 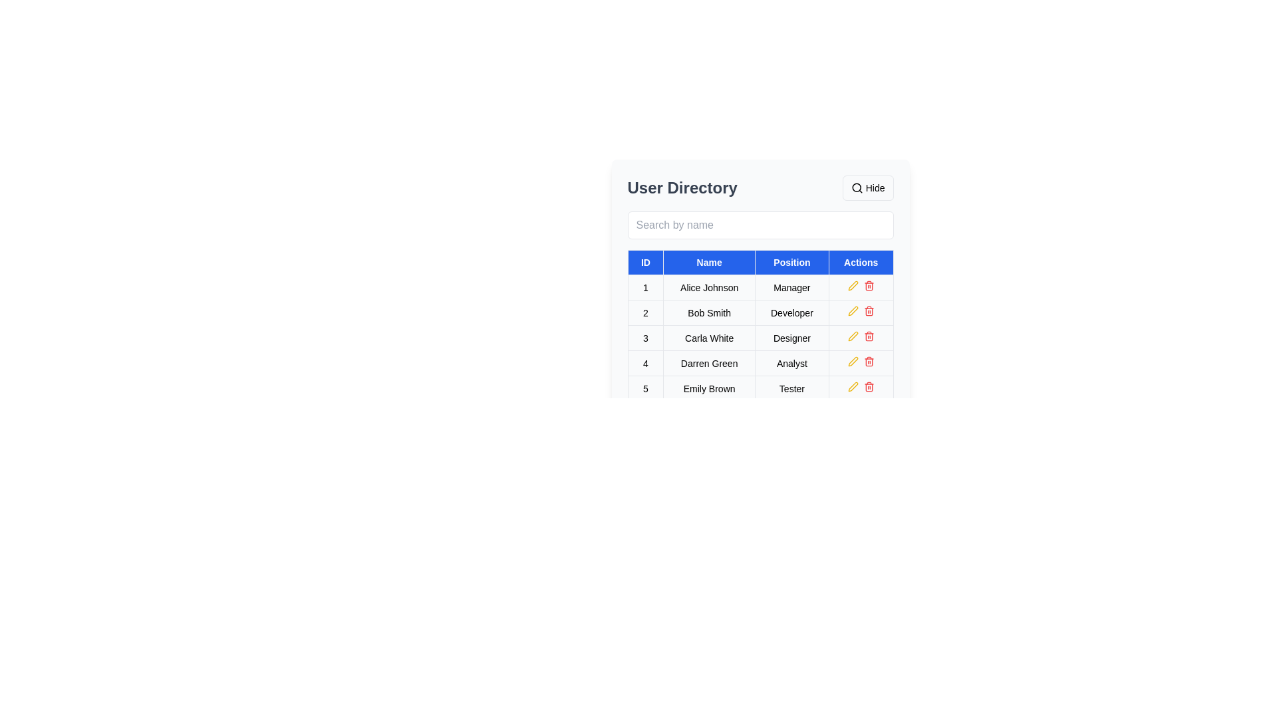 I want to click on the Label or data cell in the table that contains the text 'Tester', located in the fifth row under the 'Position' column, bordered and distinct from surrounding elements, so click(x=791, y=388).